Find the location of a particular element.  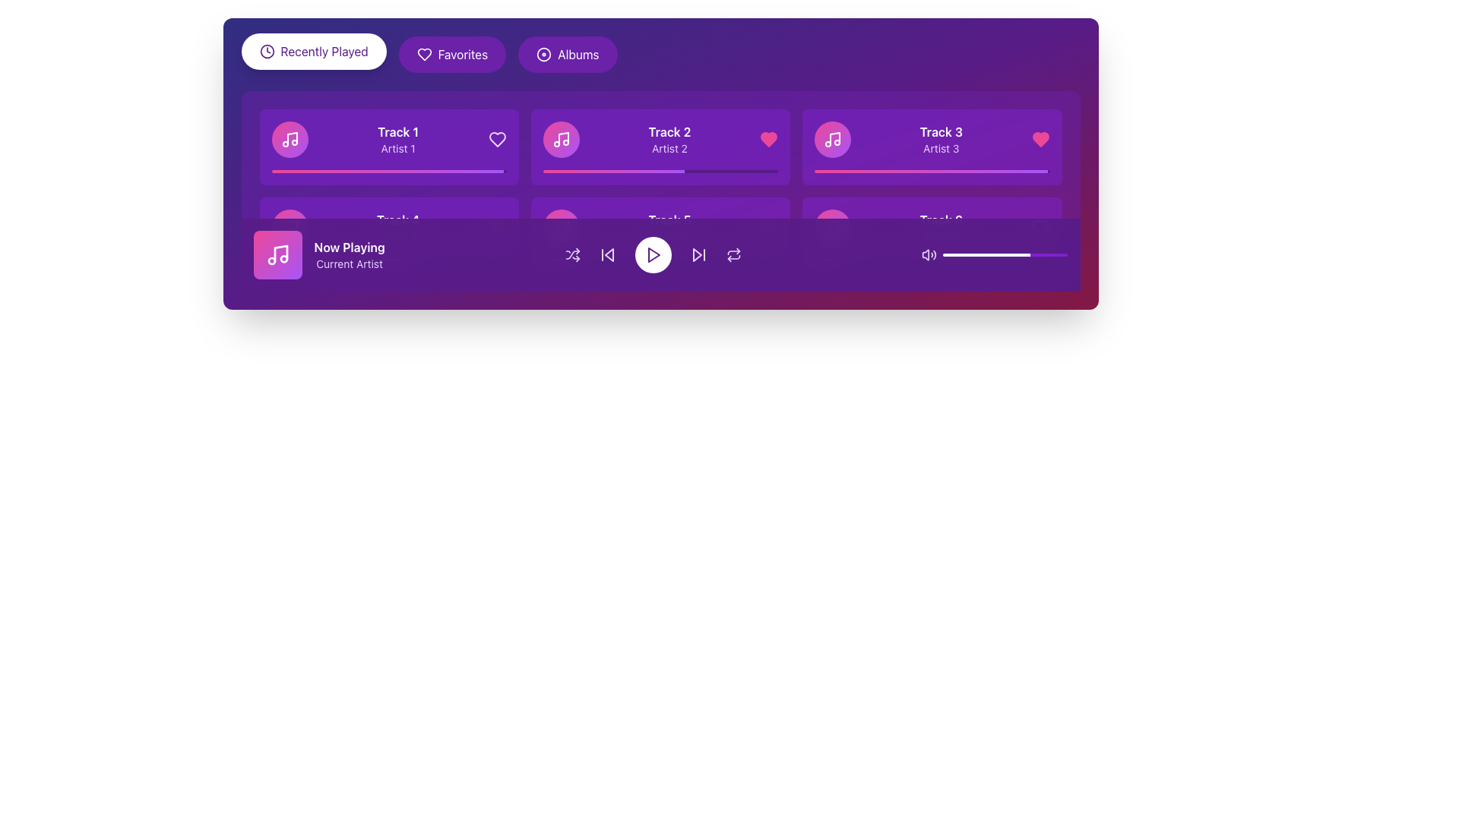

the Informational display panel which features a pink-to-purple gradient square icon with a white music note and text reading 'Now Playing' and 'Current Artist' is located at coordinates (318, 254).